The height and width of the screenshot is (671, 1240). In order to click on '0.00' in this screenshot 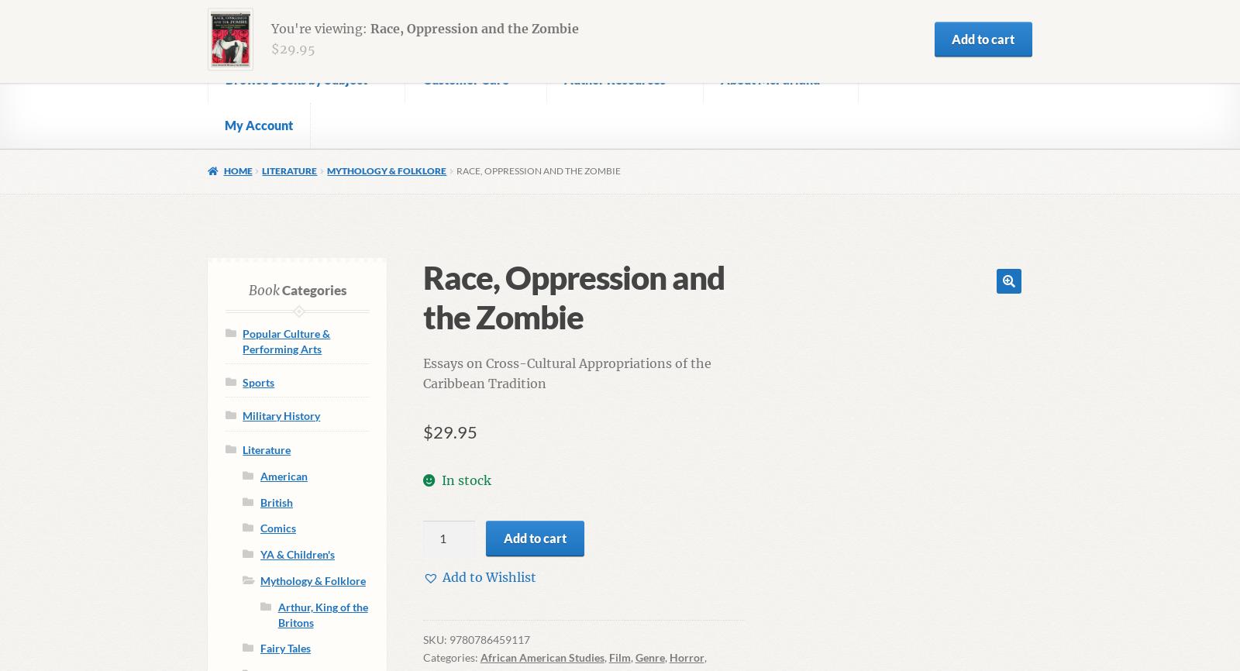, I will do `click(898, 25)`.